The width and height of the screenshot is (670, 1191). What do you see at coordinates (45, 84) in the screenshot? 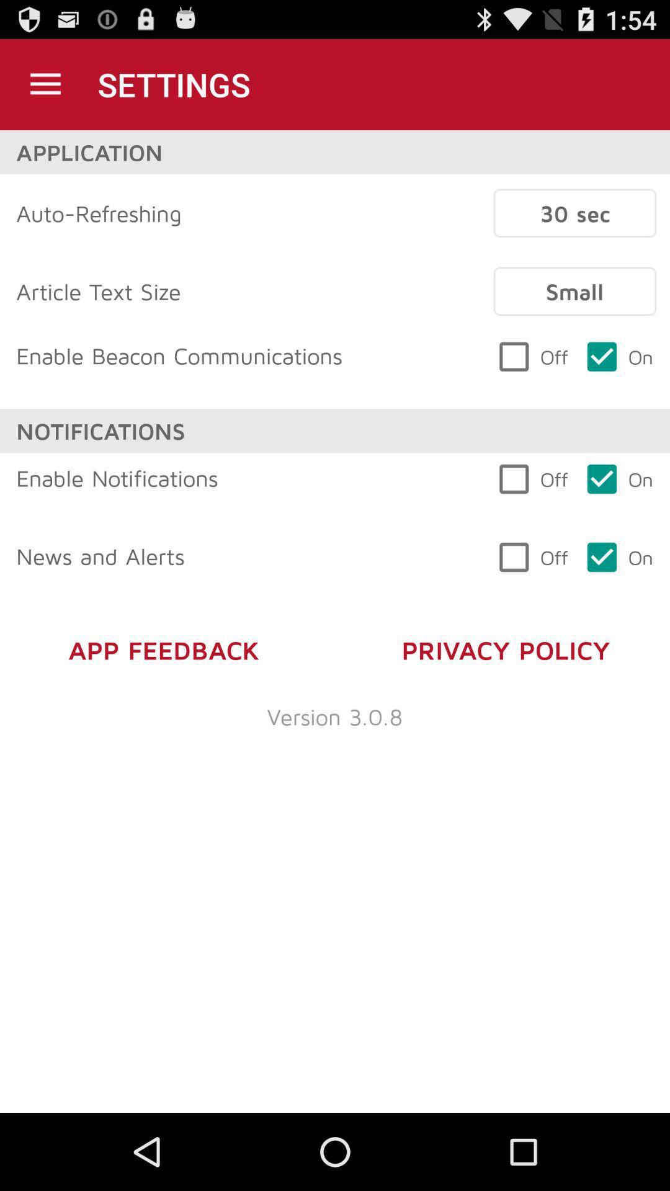
I see `settings option` at bounding box center [45, 84].